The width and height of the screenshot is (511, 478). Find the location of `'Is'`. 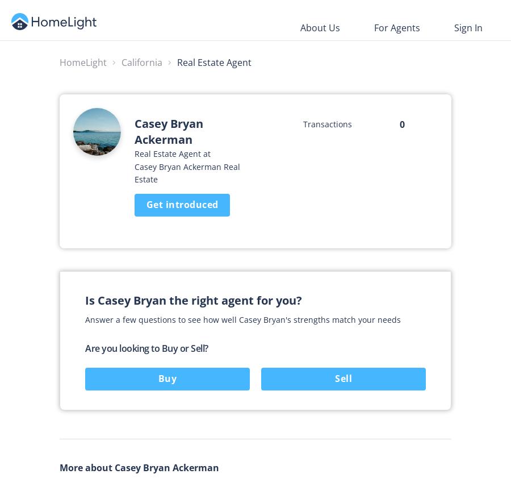

'Is' is located at coordinates (91, 300).